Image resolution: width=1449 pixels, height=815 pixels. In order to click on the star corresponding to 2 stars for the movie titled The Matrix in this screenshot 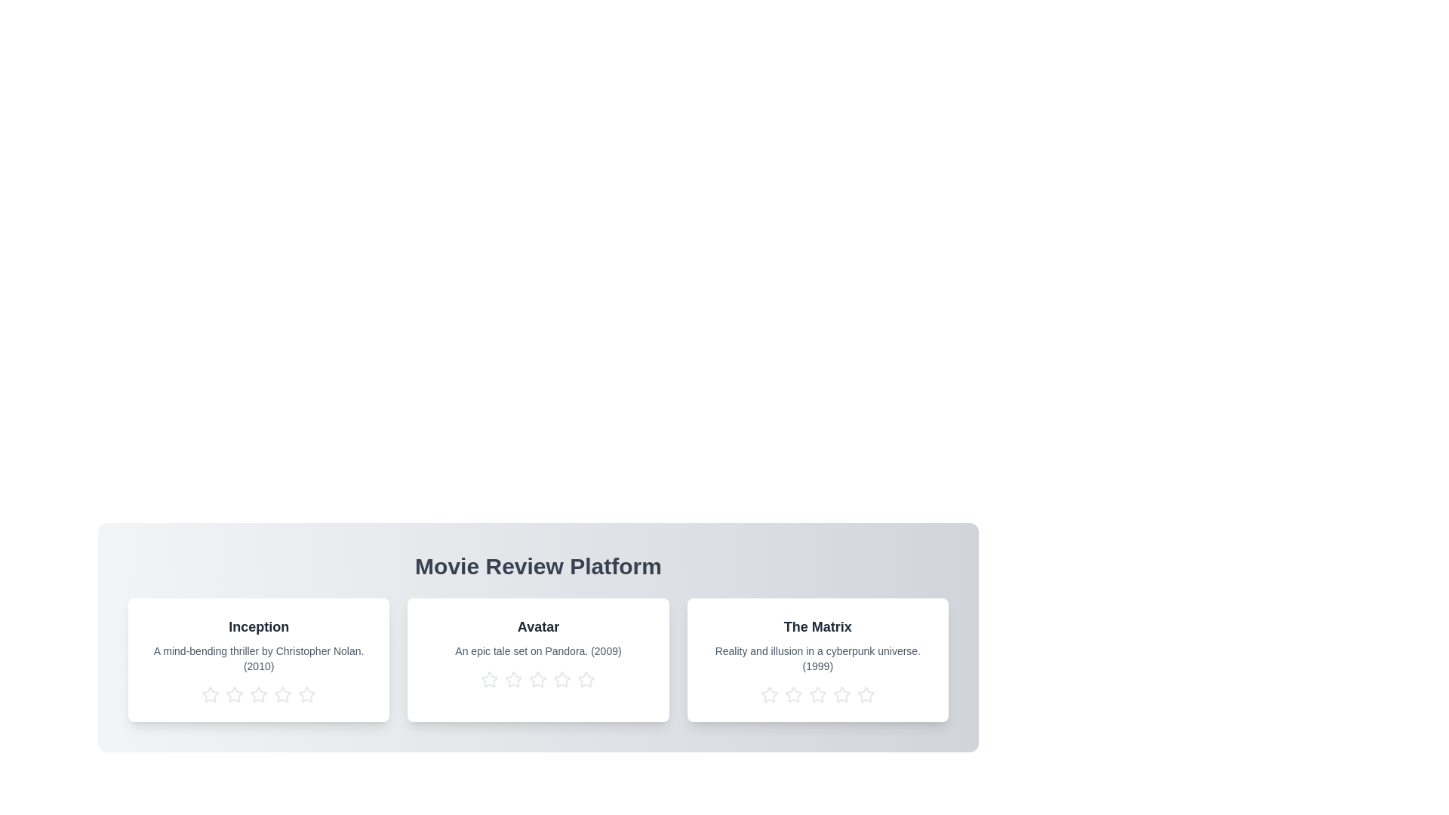, I will do `click(792, 695)`.